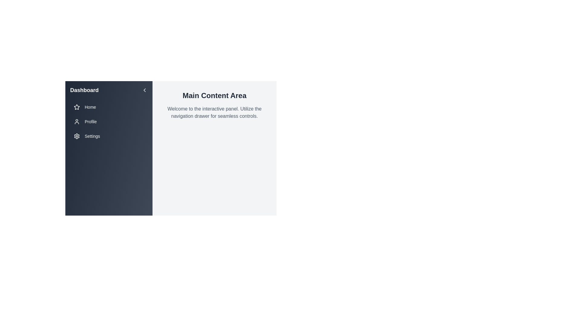 The height and width of the screenshot is (327, 581). Describe the element at coordinates (90, 121) in the screenshot. I see `the 'Profile' label in the navigation panel, which is positioned below the 'Home' item and above the 'Settings' item, and is aligned next to a user profile icon` at that location.